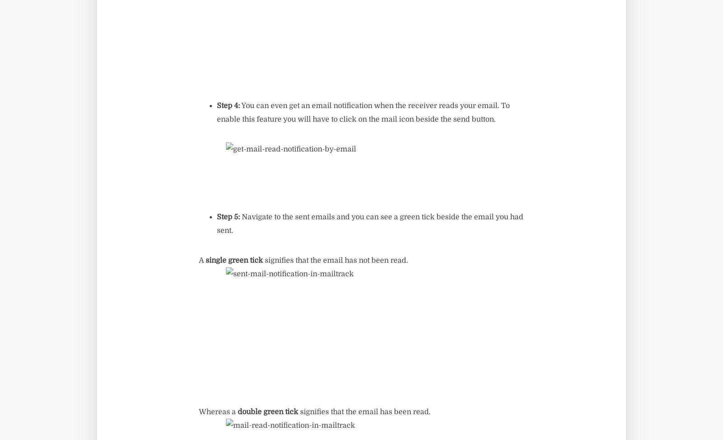 The image size is (723, 440). What do you see at coordinates (218, 412) in the screenshot?
I see `'Whereas a'` at bounding box center [218, 412].